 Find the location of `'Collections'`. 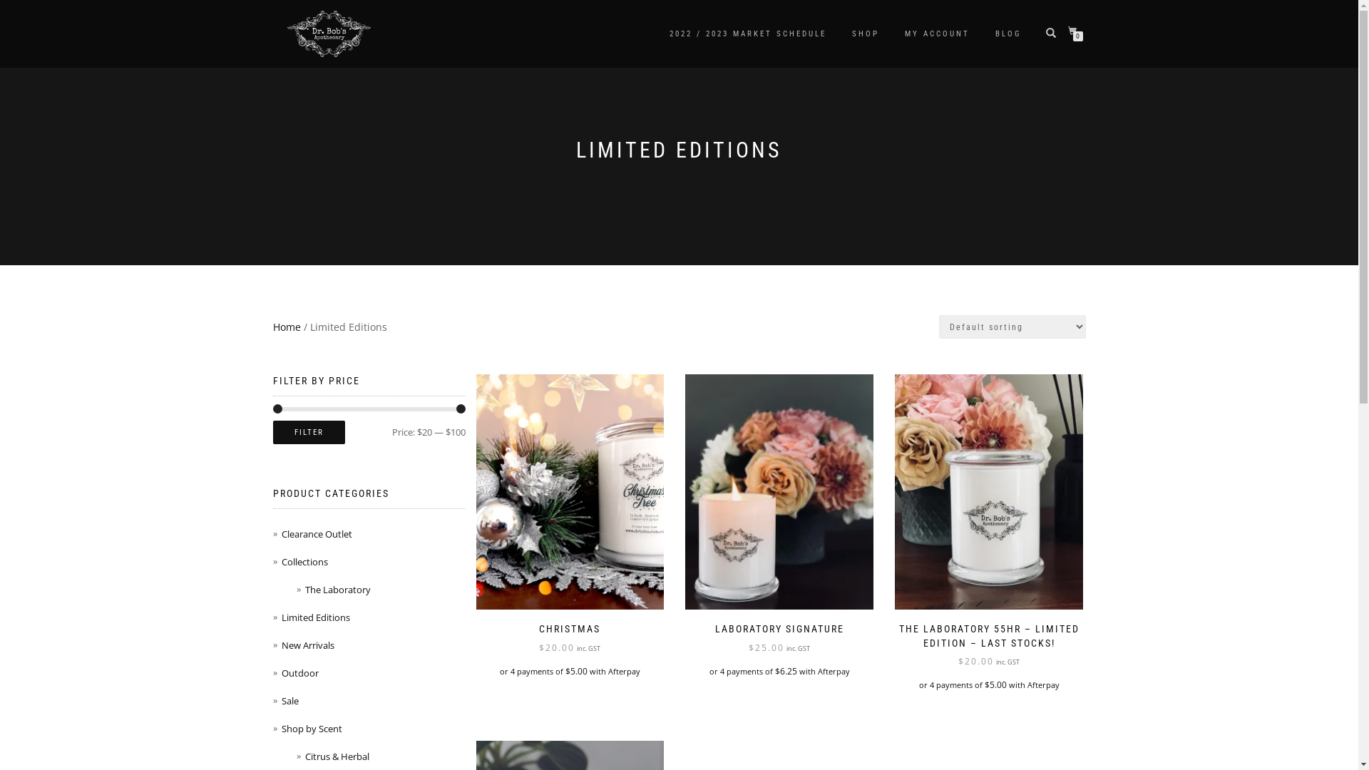

'Collections' is located at coordinates (280, 560).